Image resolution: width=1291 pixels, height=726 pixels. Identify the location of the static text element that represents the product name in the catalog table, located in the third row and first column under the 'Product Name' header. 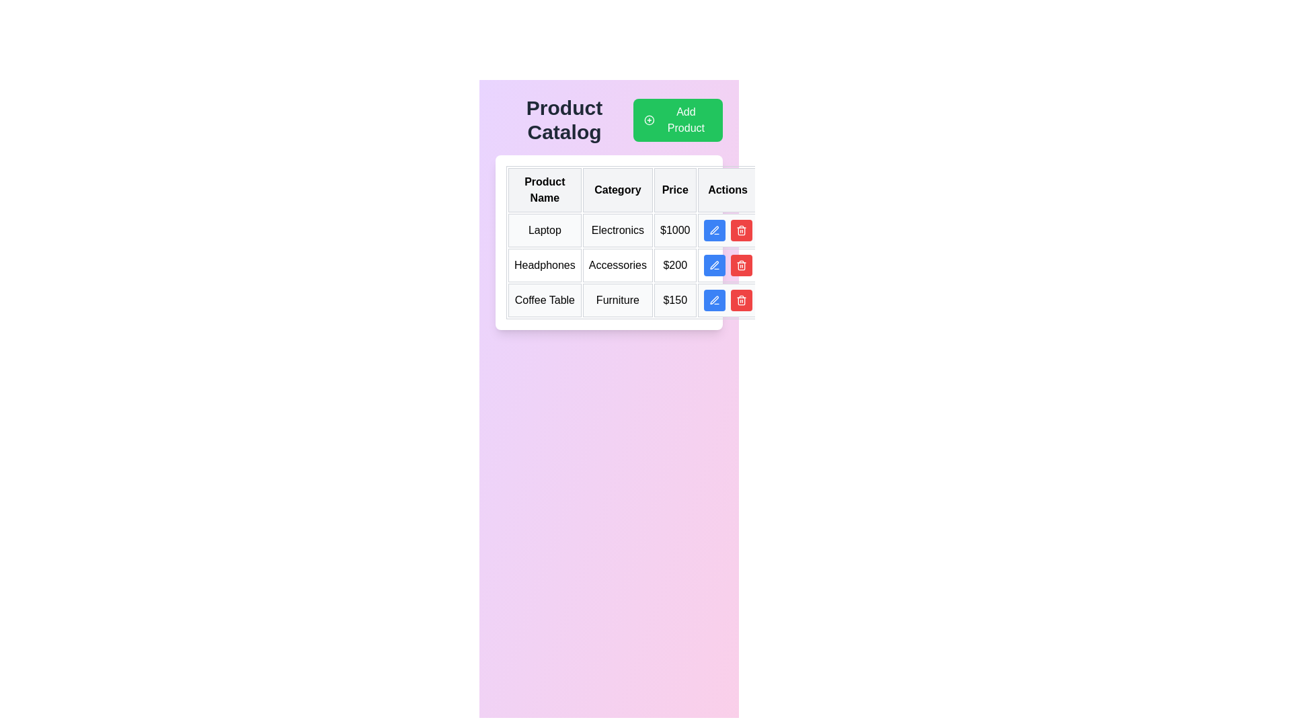
(545, 300).